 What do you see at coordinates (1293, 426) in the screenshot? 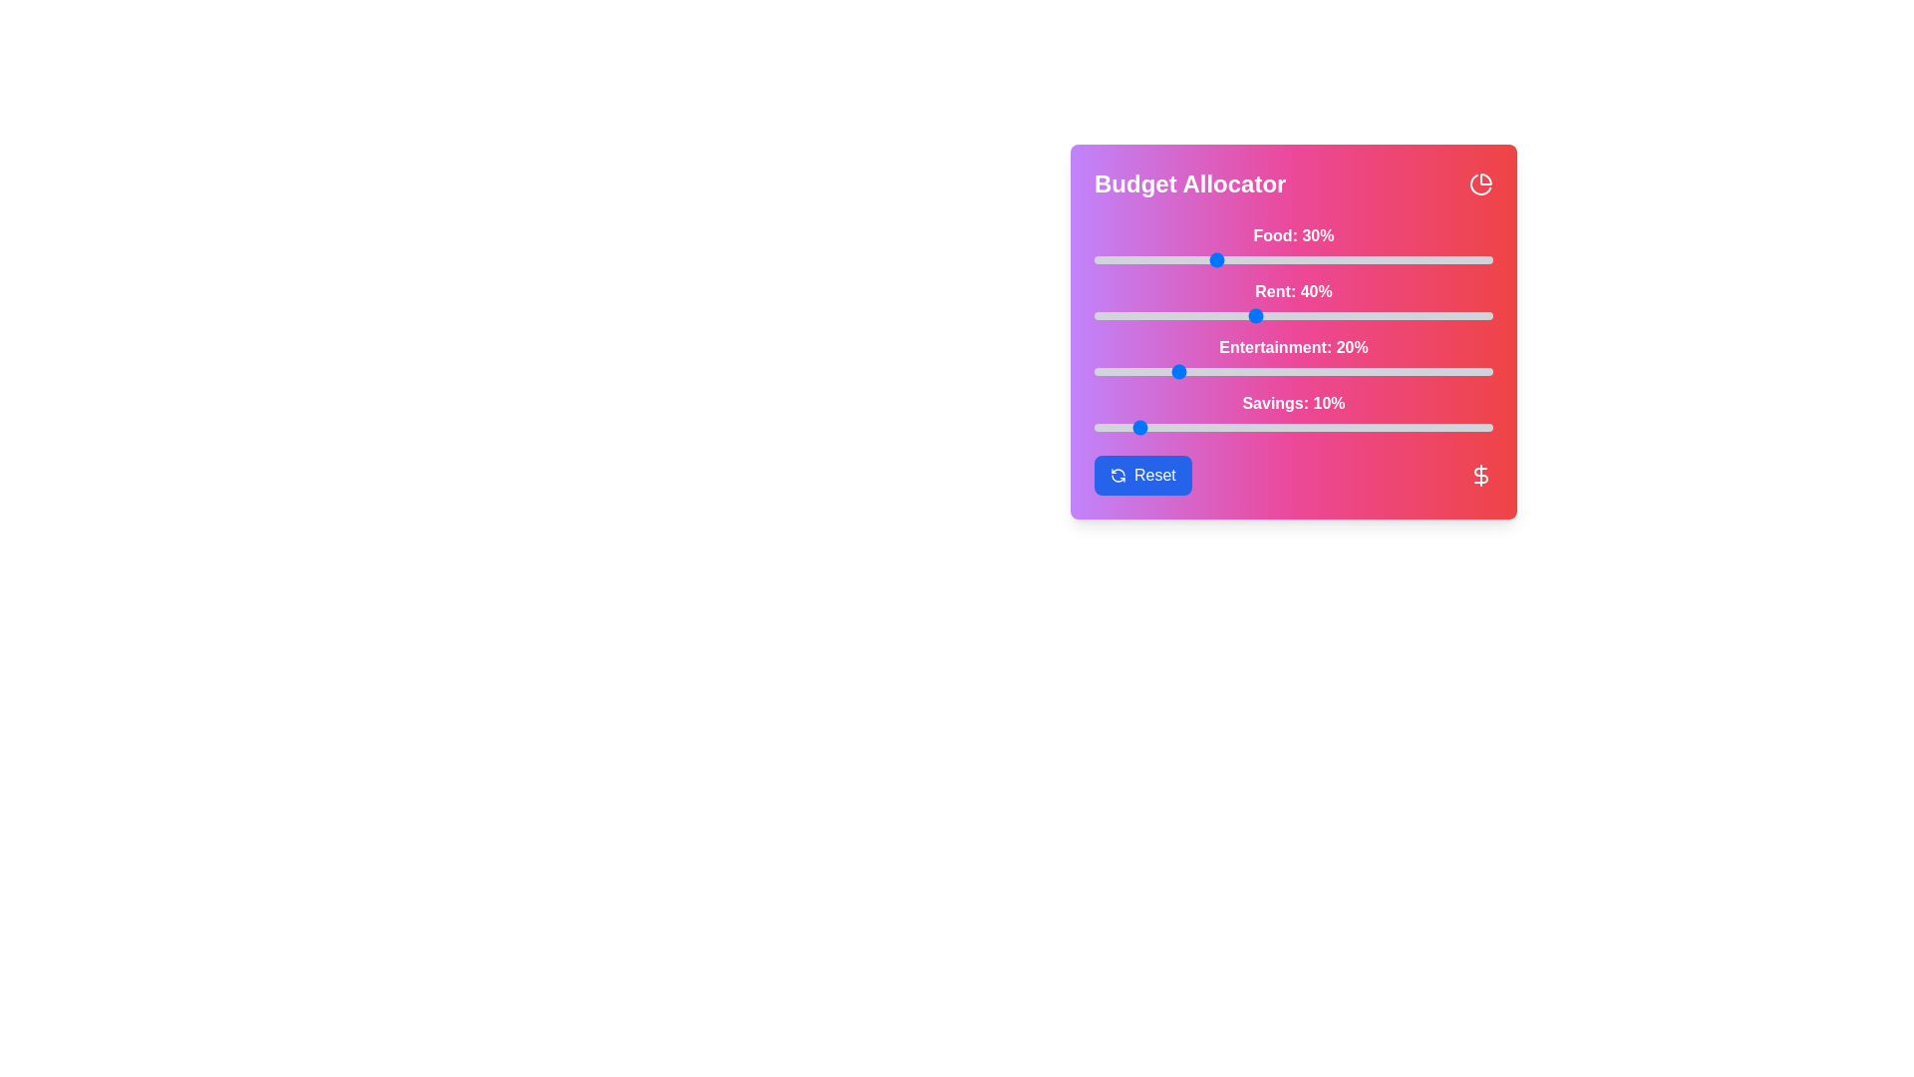
I see `the Range slider input labeled 'Savings: 10%'` at bounding box center [1293, 426].